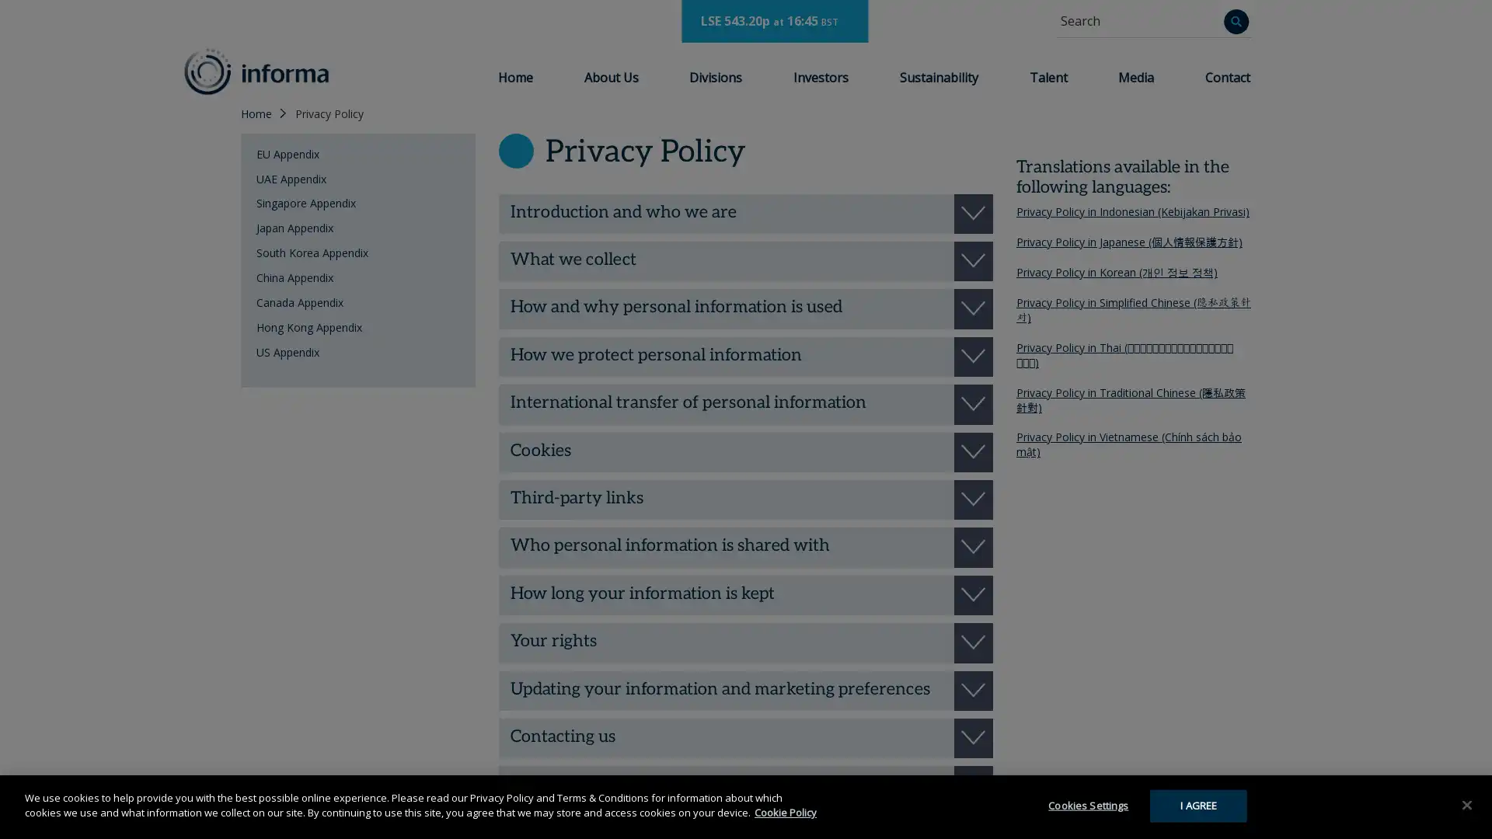 This screenshot has height=839, width=1492. I want to click on I AGREE, so click(1197, 805).